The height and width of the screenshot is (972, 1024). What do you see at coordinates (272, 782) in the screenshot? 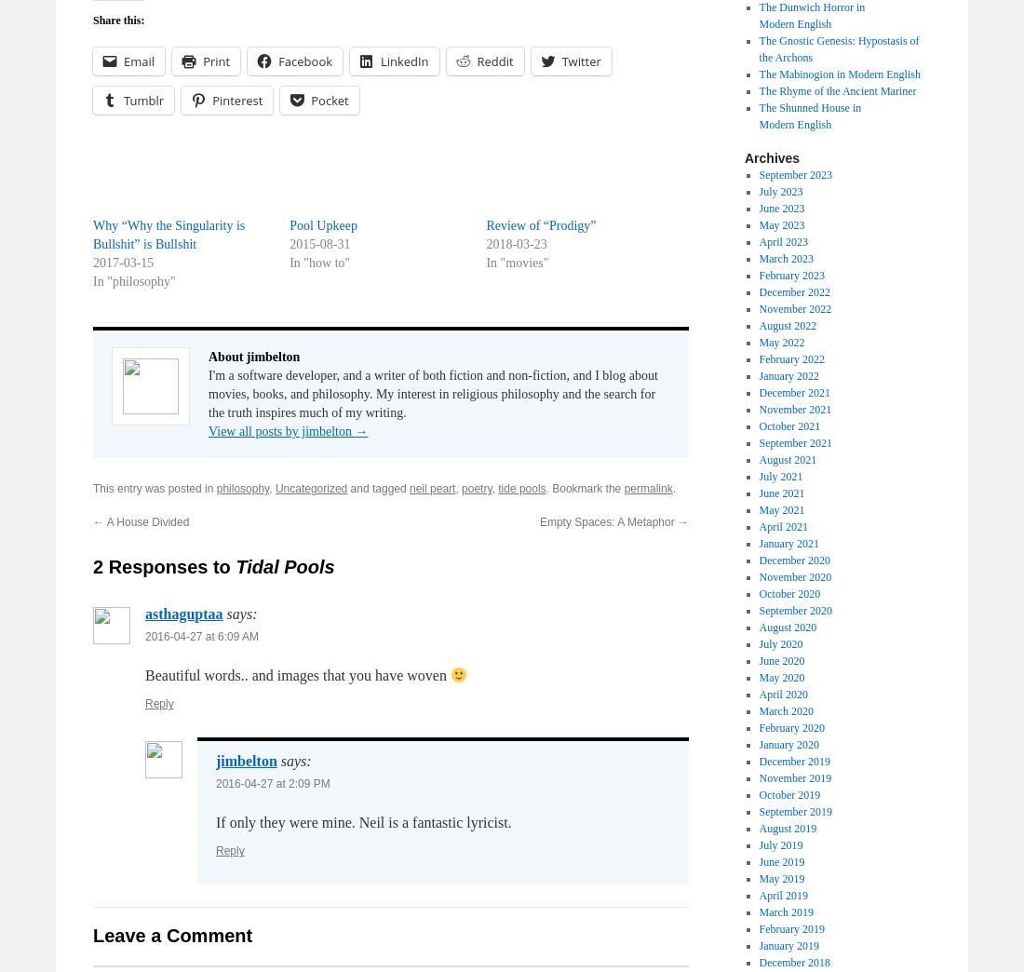
I see `'2016-04-27 at 2:09 PM'` at bounding box center [272, 782].